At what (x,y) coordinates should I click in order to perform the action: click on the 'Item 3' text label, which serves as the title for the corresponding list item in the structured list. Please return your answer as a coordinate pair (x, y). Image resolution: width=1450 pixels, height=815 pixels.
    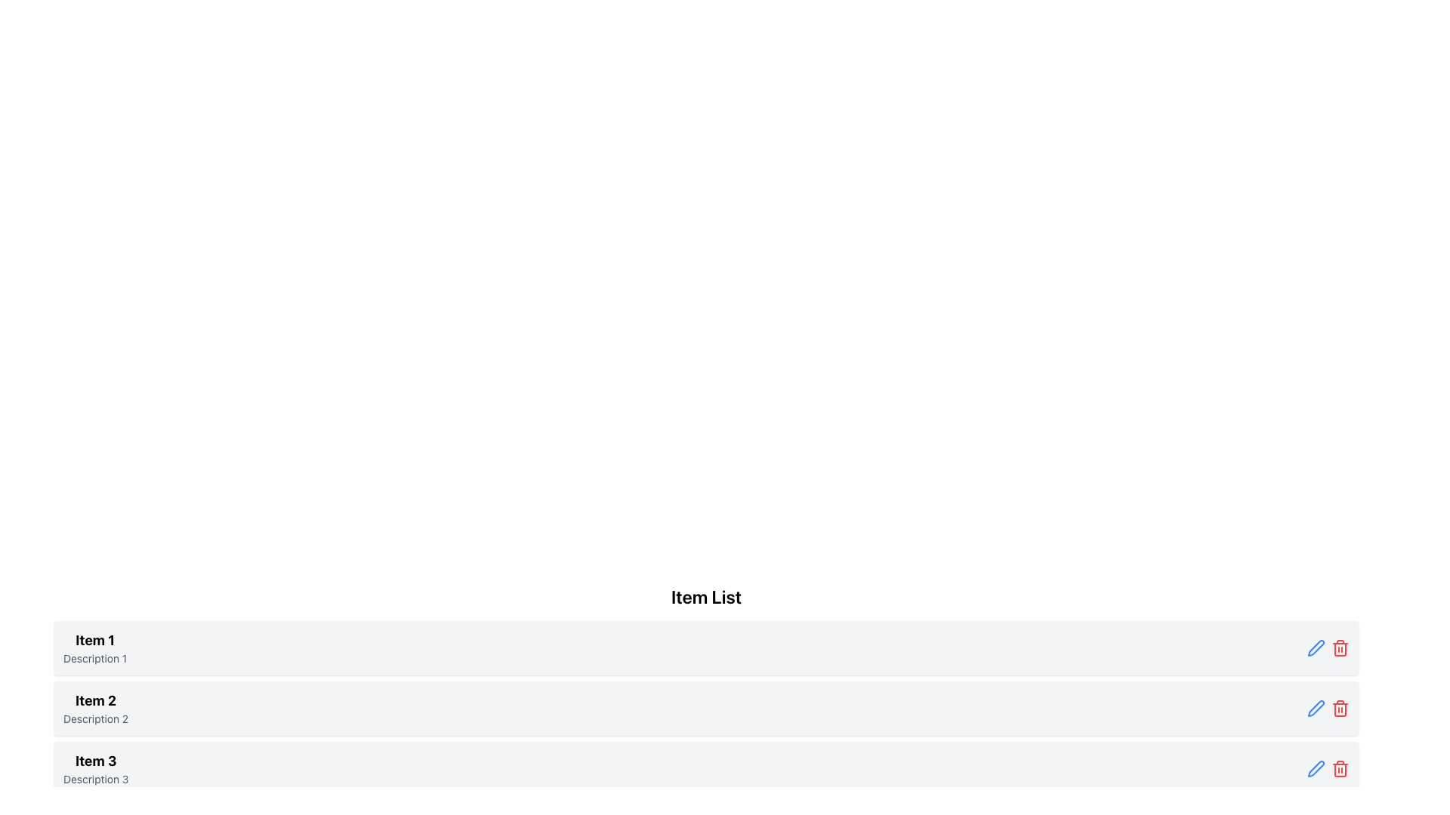
    Looking at the image, I should click on (95, 761).